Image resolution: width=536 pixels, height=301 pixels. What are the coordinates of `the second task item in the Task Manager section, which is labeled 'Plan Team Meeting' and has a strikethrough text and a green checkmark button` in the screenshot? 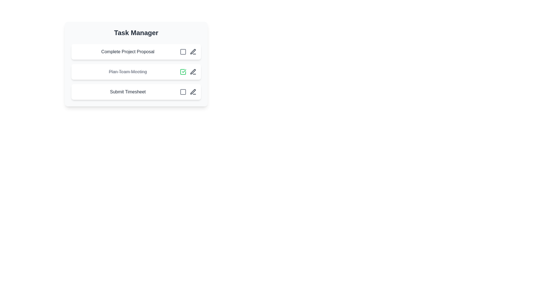 It's located at (136, 72).